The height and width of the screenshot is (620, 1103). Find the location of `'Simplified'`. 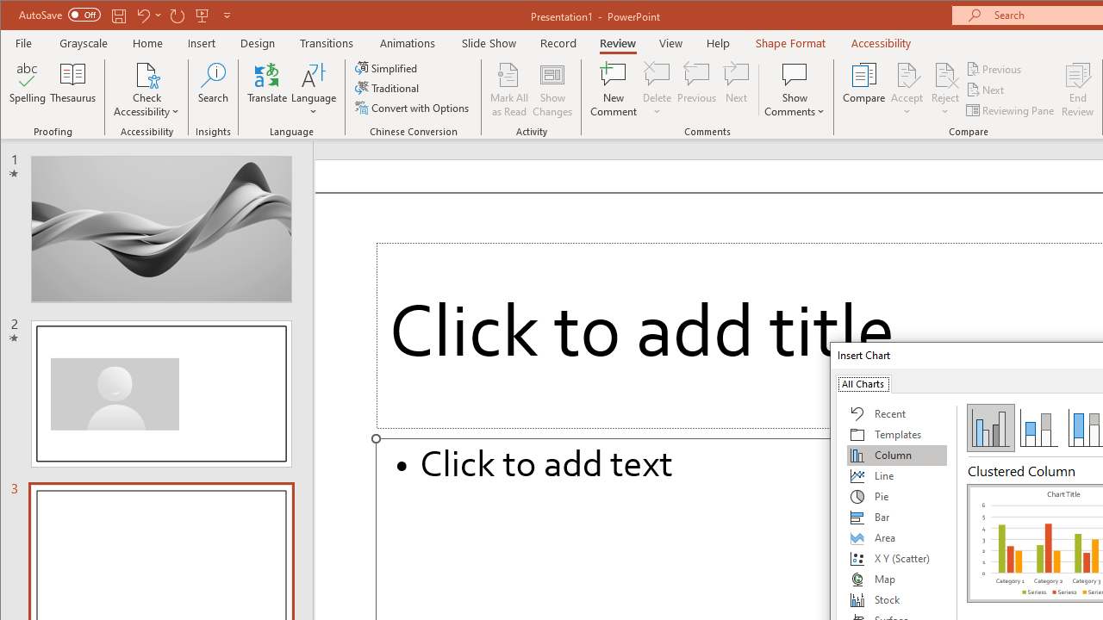

'Simplified' is located at coordinates (387, 67).